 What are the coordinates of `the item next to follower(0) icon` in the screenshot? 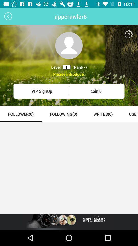 It's located at (63, 114).